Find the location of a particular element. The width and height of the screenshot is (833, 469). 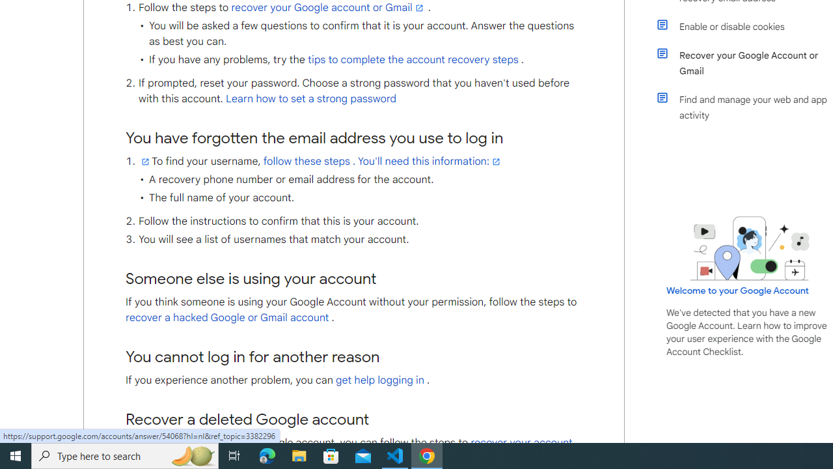

'Learn how to set a strong password' is located at coordinates (310, 98).